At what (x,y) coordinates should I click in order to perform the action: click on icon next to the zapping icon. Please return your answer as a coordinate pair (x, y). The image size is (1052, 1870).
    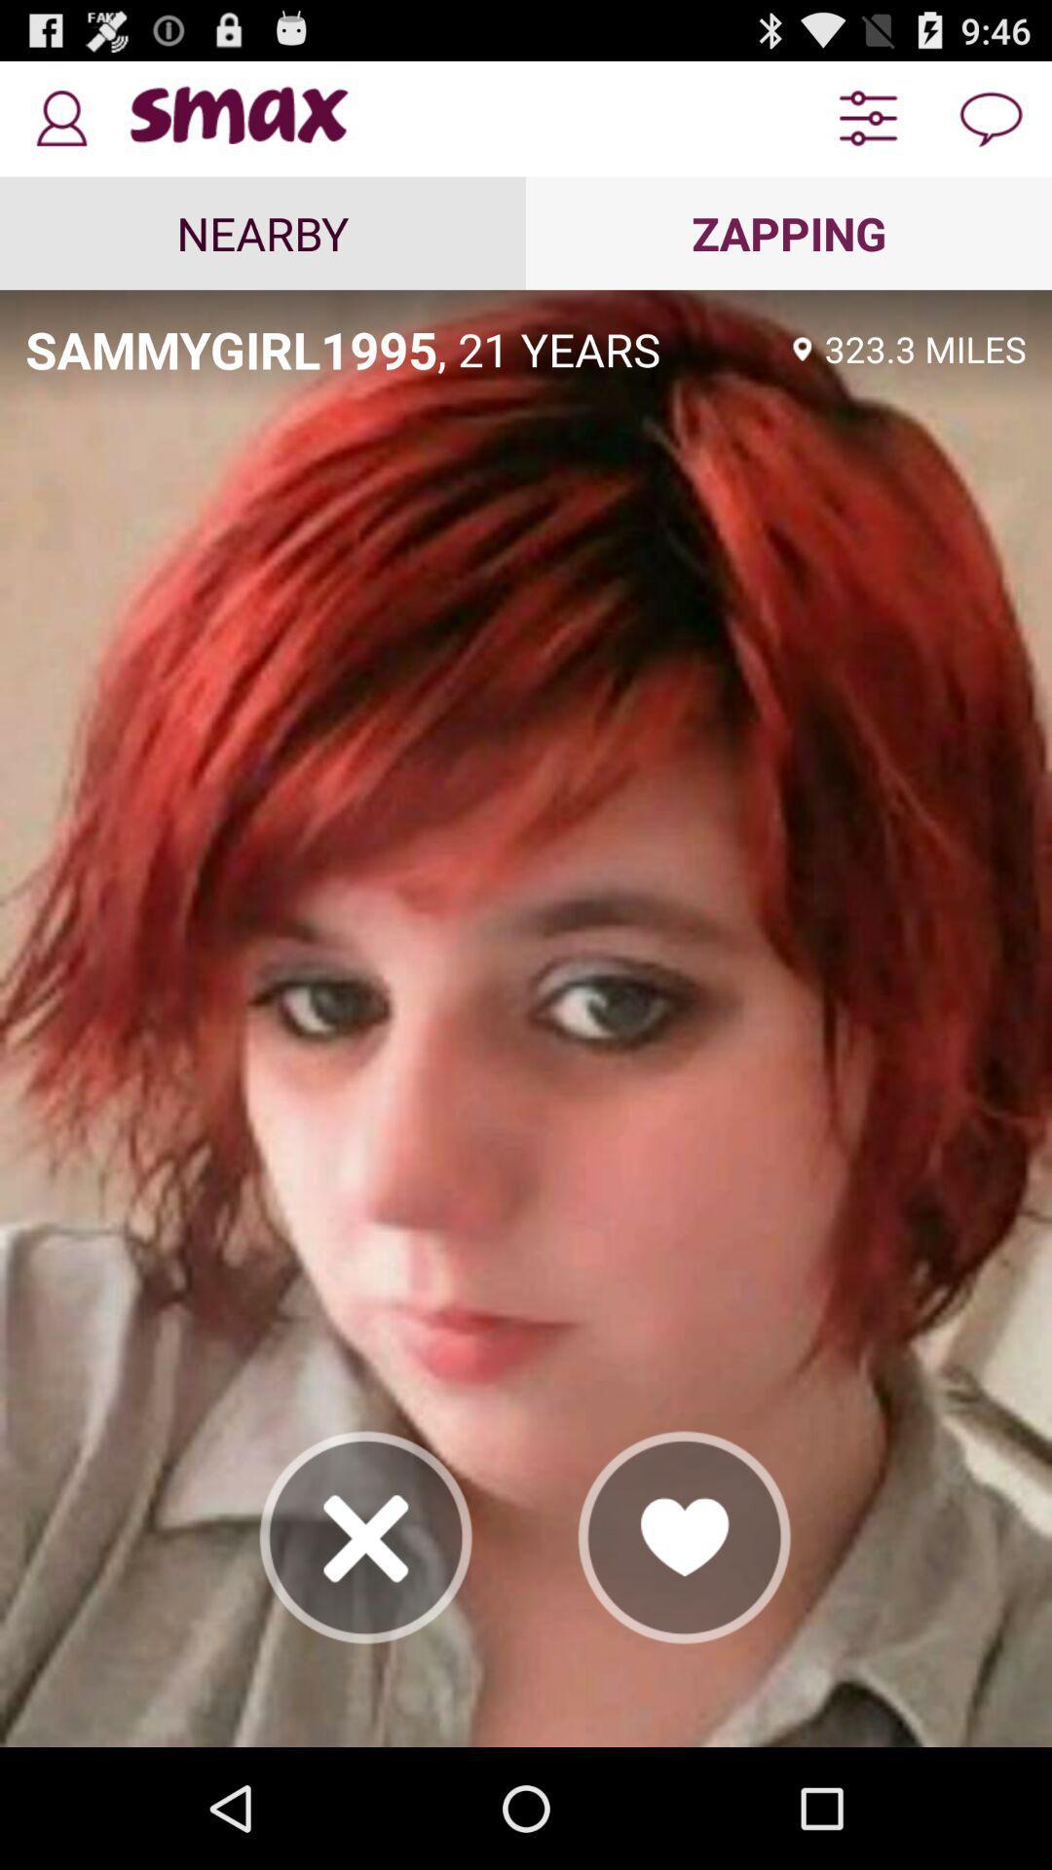
    Looking at the image, I should click on (263, 233).